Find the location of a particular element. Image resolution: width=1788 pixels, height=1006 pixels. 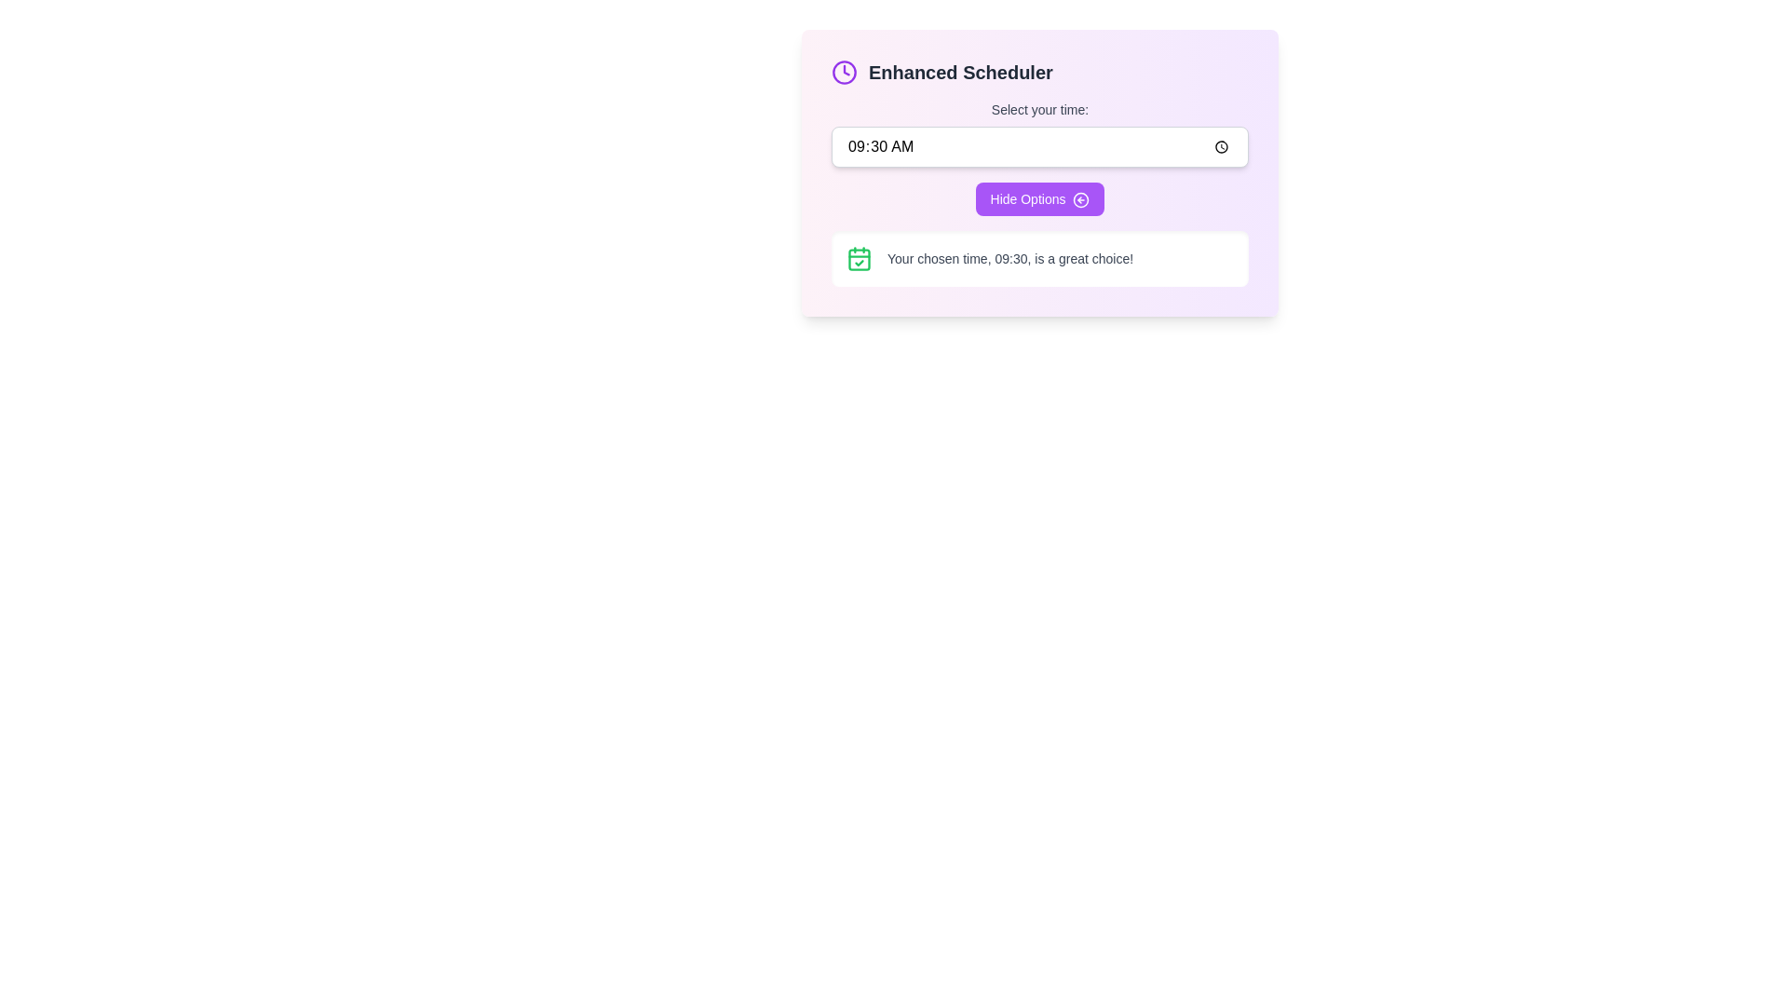

the directional icon indicating a return action, which is located adjacent to the 'Hide Options' button on the far-right side is located at coordinates (1081, 200).